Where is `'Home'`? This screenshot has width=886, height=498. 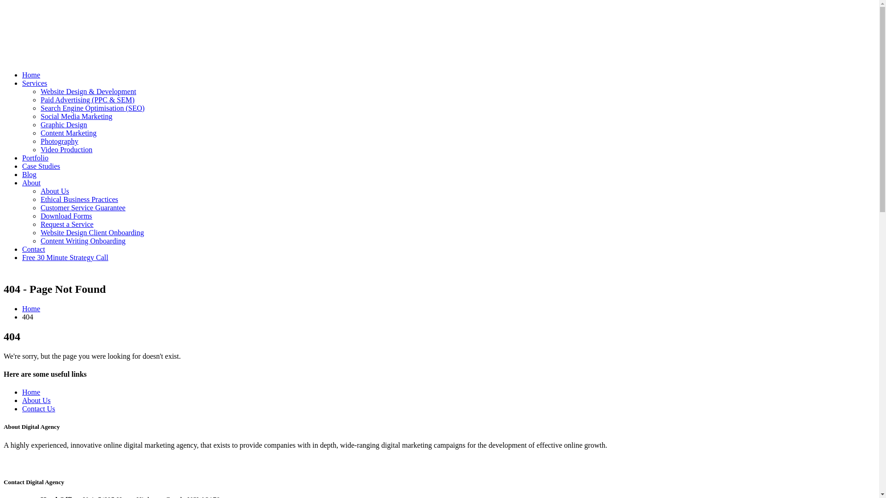
'Home' is located at coordinates (31, 74).